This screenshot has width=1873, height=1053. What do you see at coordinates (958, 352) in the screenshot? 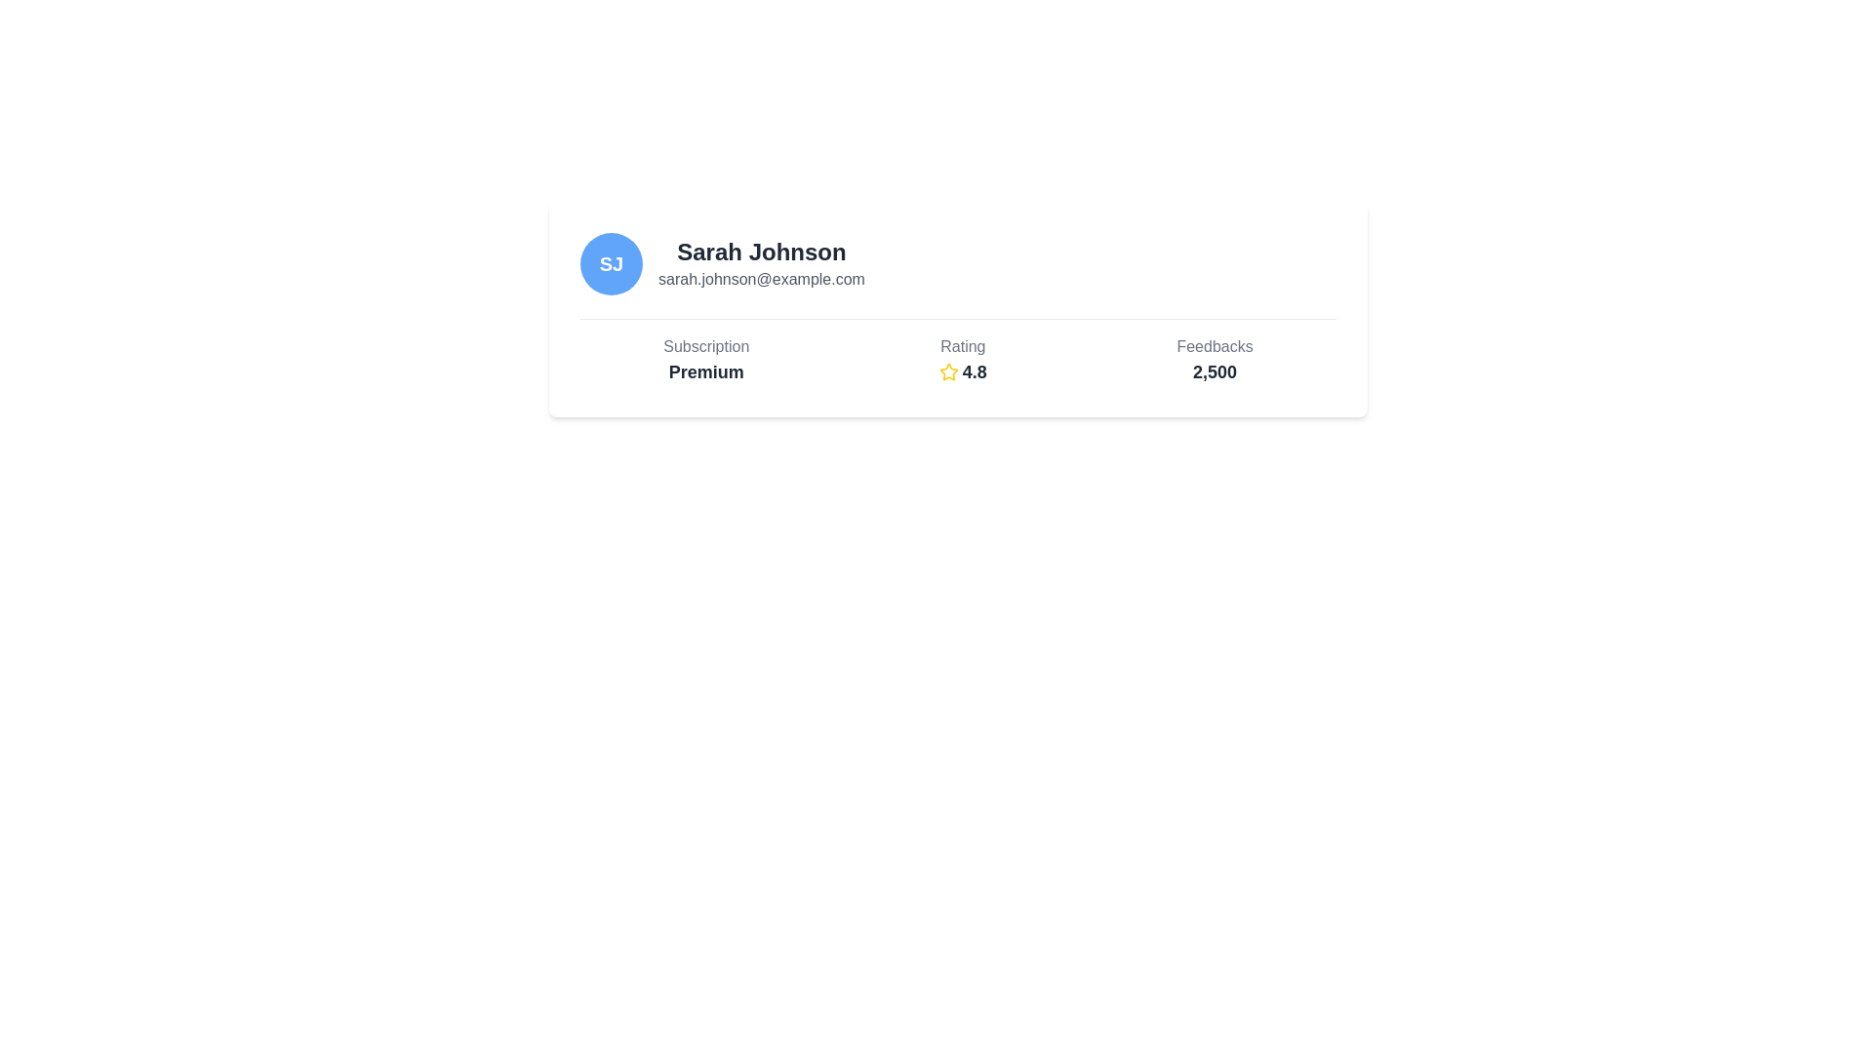
I see `the Informational display group that contains the labels 'Subscription', 'Rating', and 'Feedbacks' with their respective values 'Premium', '4.8', and '2,500', located in the lower section of the white user information card` at bounding box center [958, 352].